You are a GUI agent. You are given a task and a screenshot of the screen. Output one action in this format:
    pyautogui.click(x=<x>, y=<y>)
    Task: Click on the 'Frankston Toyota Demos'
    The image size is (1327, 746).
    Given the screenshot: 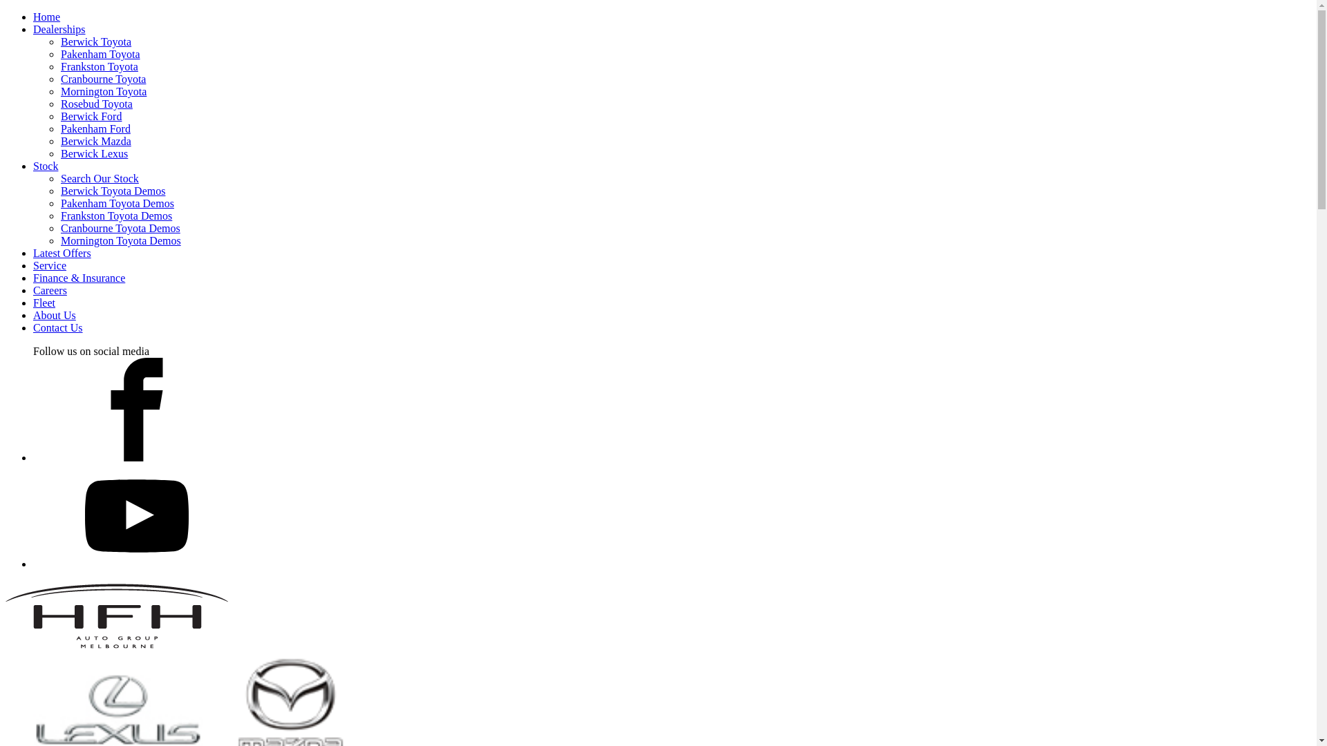 What is the action you would take?
    pyautogui.click(x=116, y=216)
    